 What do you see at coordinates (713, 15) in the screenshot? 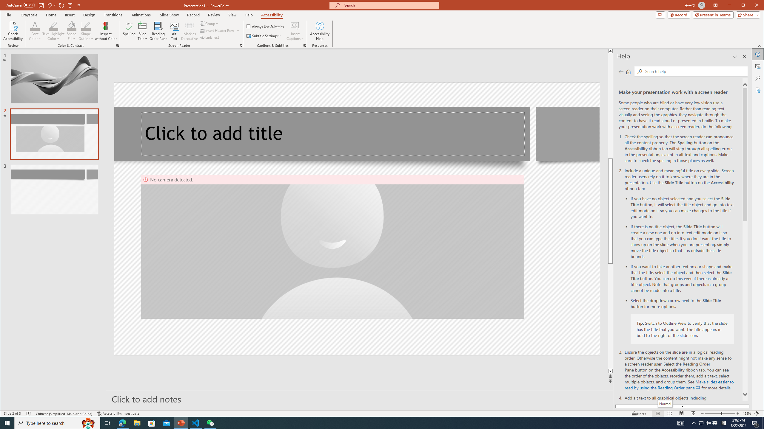
I see `'Present in Teams'` at bounding box center [713, 15].